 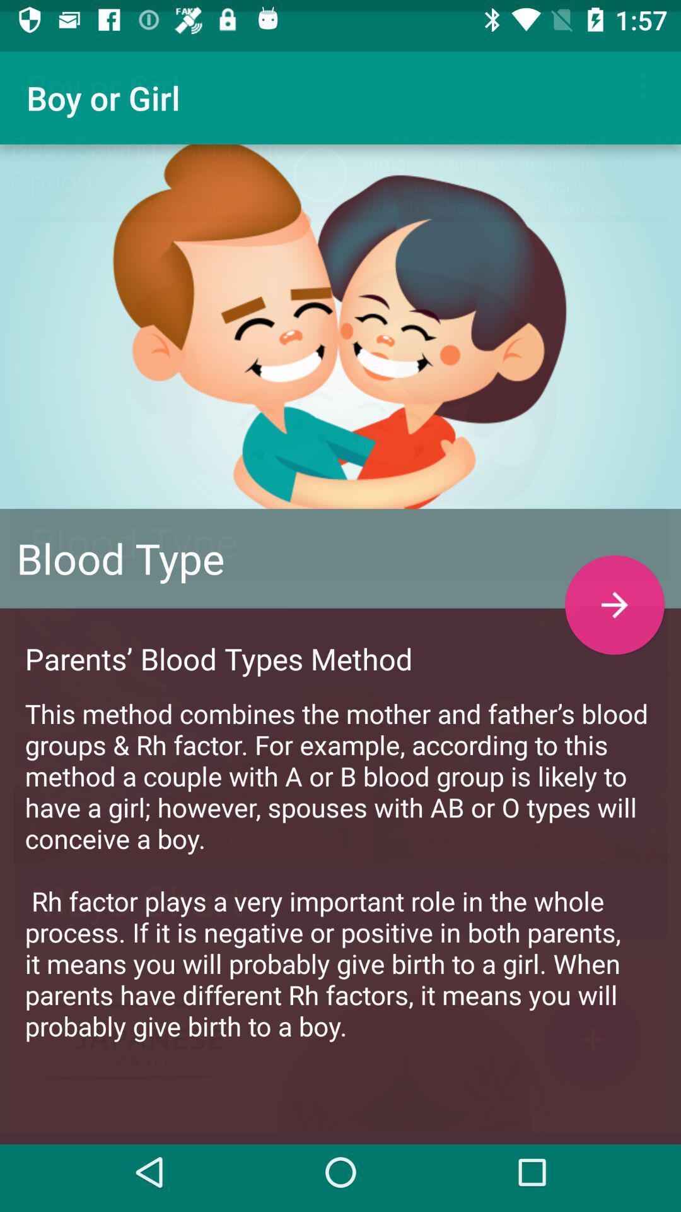 I want to click on the icon on the right, so click(x=614, y=592).